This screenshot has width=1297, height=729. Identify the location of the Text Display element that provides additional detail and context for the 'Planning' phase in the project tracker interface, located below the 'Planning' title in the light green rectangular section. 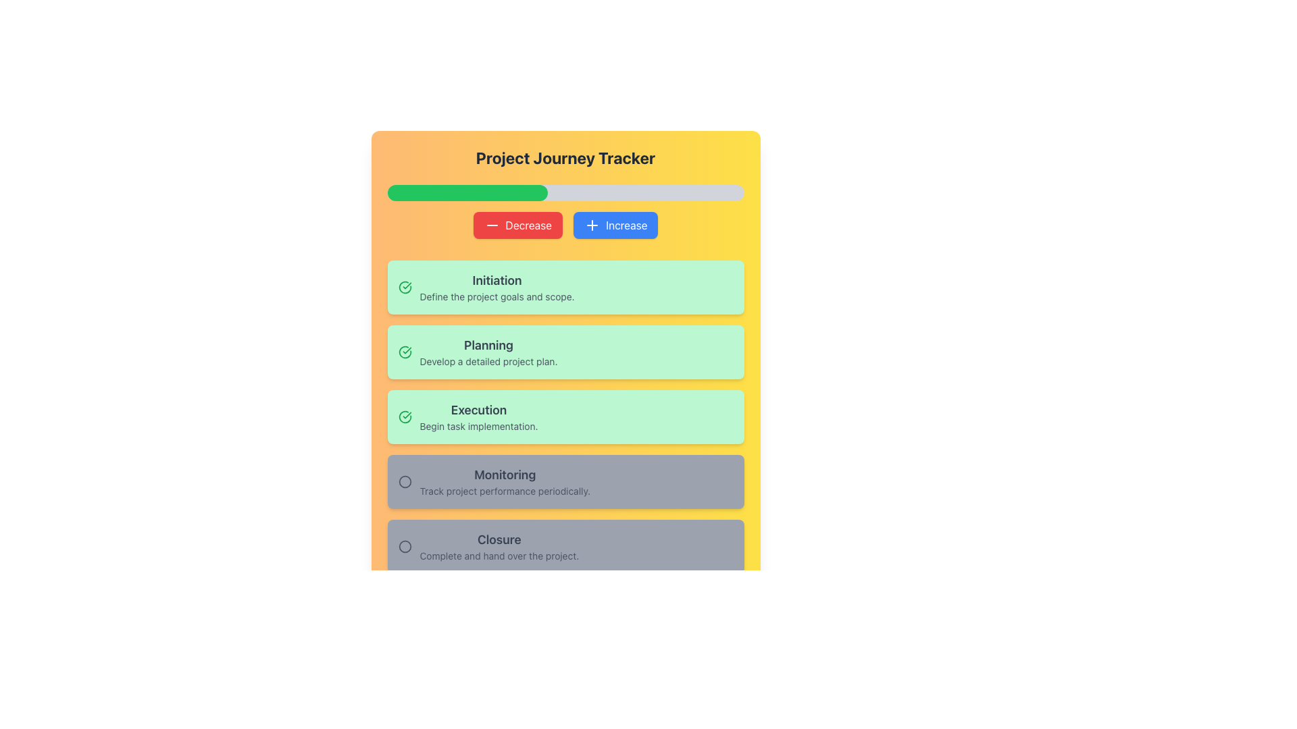
(488, 361).